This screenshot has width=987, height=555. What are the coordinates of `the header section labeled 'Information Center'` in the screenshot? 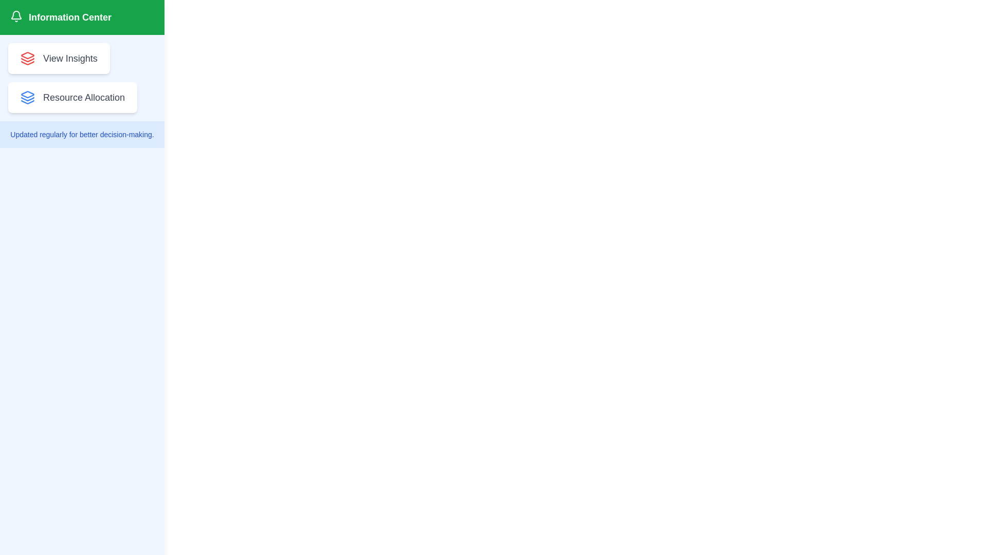 It's located at (81, 17).